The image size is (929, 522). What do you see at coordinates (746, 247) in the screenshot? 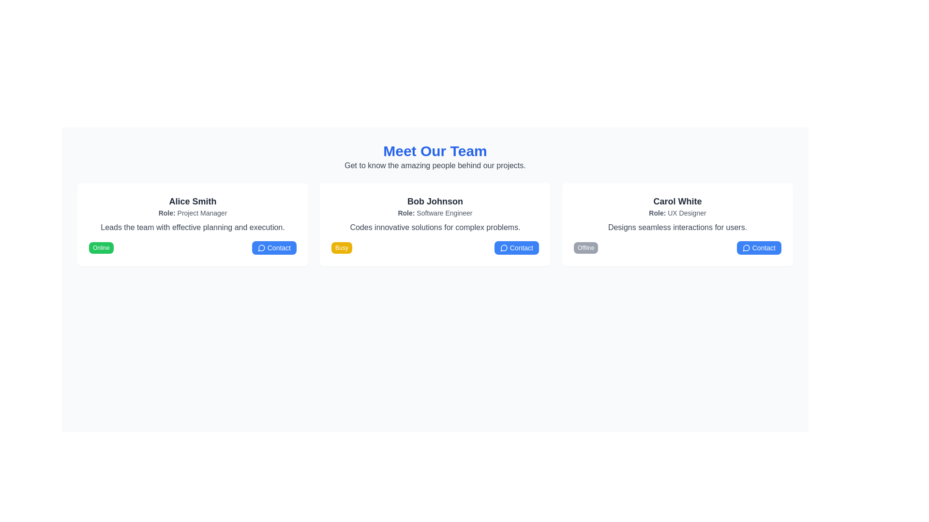
I see `the icon within the 'Contact' button, which is the third button in the horizontal group below the 'Carol White' card in the team member section` at bounding box center [746, 247].